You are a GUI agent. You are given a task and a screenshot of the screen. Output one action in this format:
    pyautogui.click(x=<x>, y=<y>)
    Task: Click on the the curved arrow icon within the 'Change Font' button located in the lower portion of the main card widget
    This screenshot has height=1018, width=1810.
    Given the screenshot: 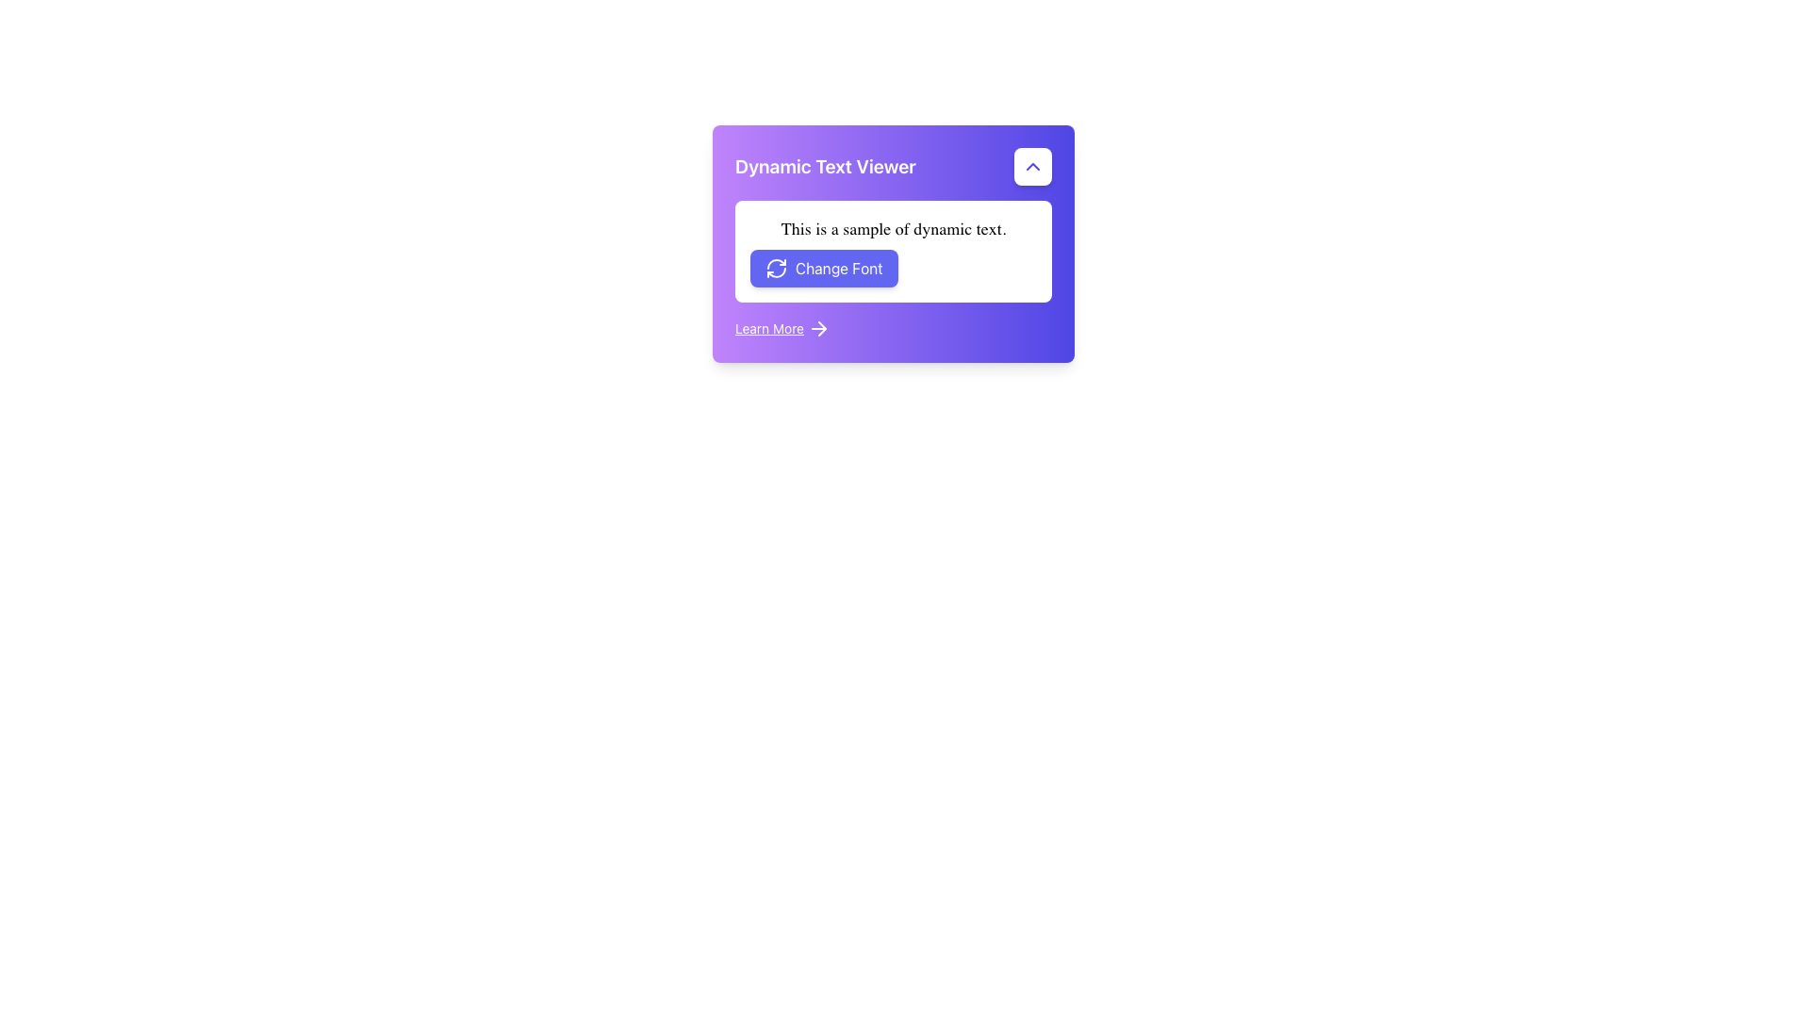 What is the action you would take?
    pyautogui.click(x=777, y=272)
    